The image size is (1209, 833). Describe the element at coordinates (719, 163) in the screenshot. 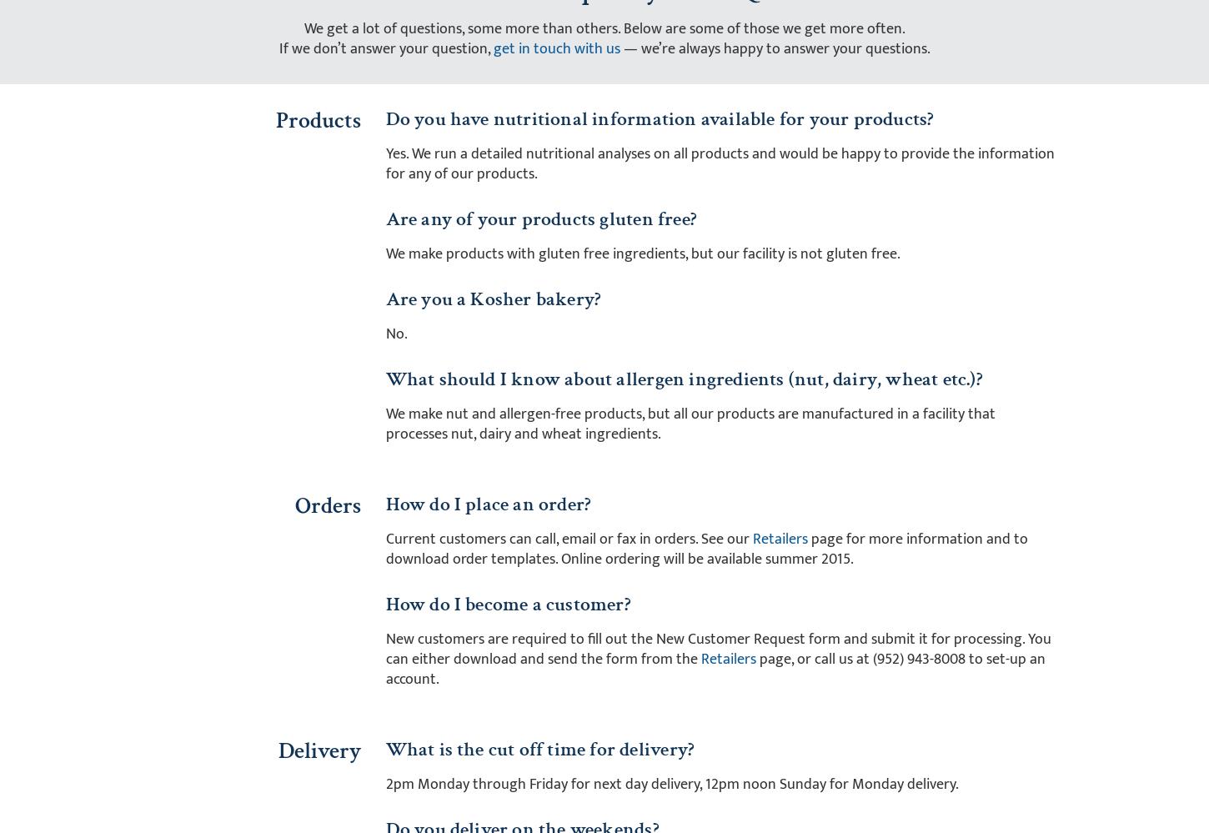

I see `'Yes. We run a detailed nutritional analyses on all products and would be happy to provide the information for any of our products.'` at that location.